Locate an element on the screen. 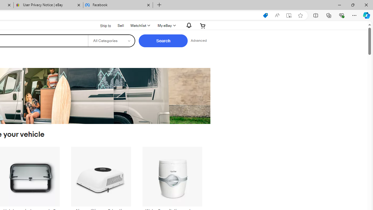 This screenshot has height=210, width=373. 'Sell' is located at coordinates (120, 25).